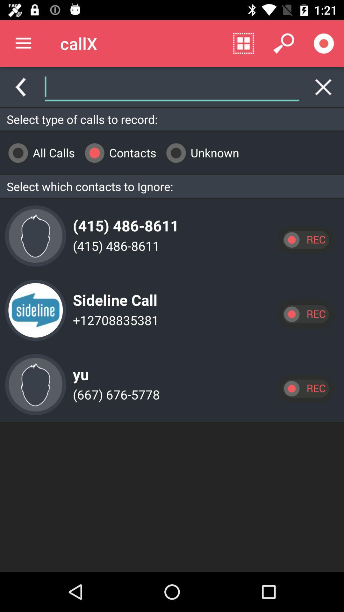 This screenshot has height=612, width=344. I want to click on here type the name of the desired contact, so click(172, 87).